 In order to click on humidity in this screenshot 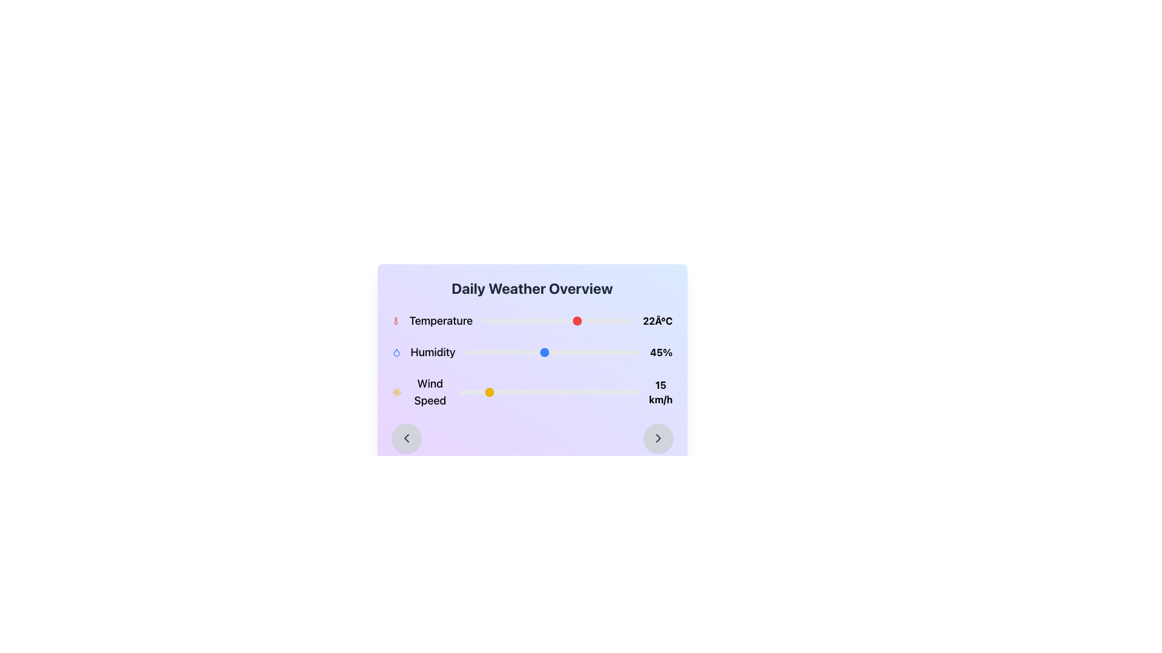, I will do `click(494, 352)`.